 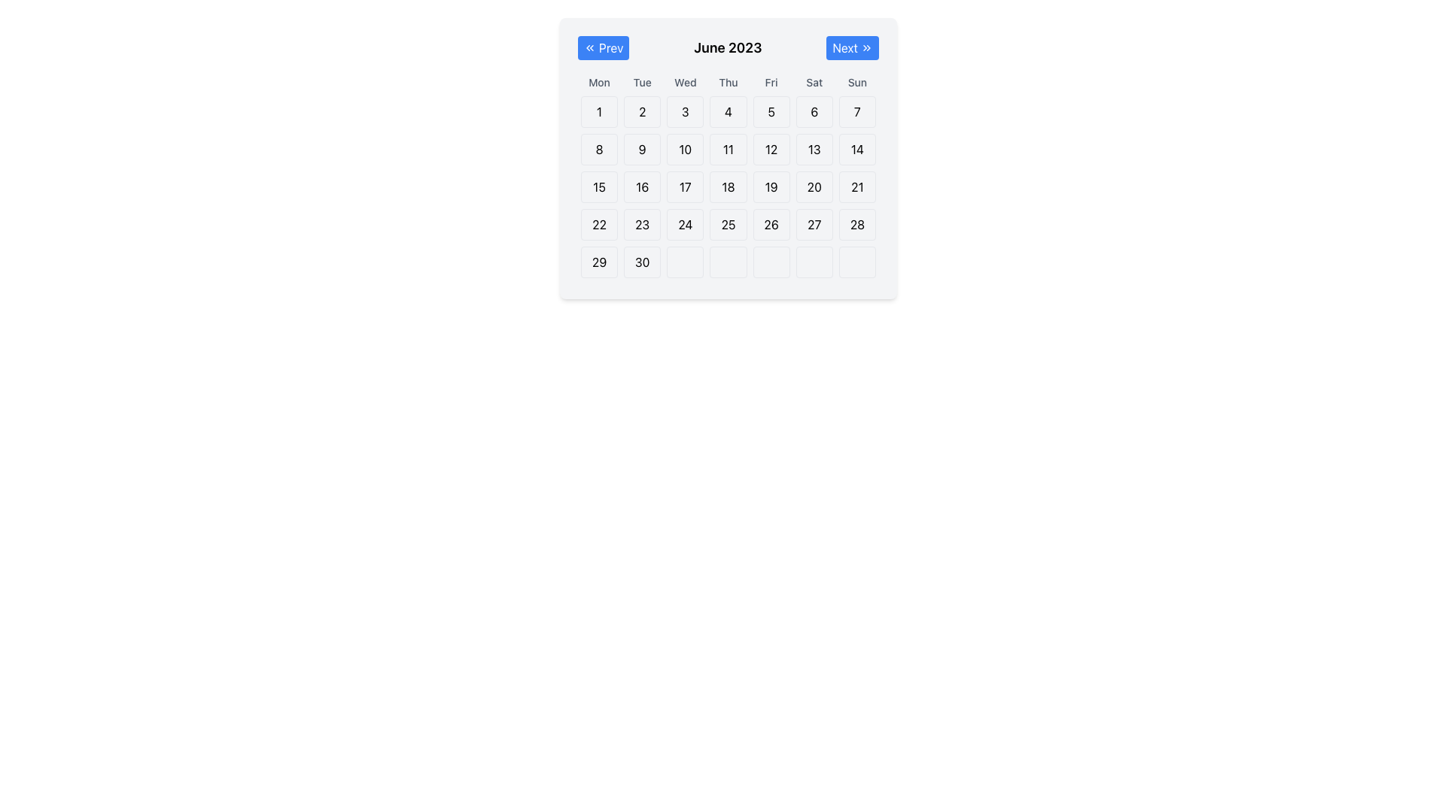 What do you see at coordinates (642, 150) in the screenshot?
I see `the button labeled '9'` at bounding box center [642, 150].